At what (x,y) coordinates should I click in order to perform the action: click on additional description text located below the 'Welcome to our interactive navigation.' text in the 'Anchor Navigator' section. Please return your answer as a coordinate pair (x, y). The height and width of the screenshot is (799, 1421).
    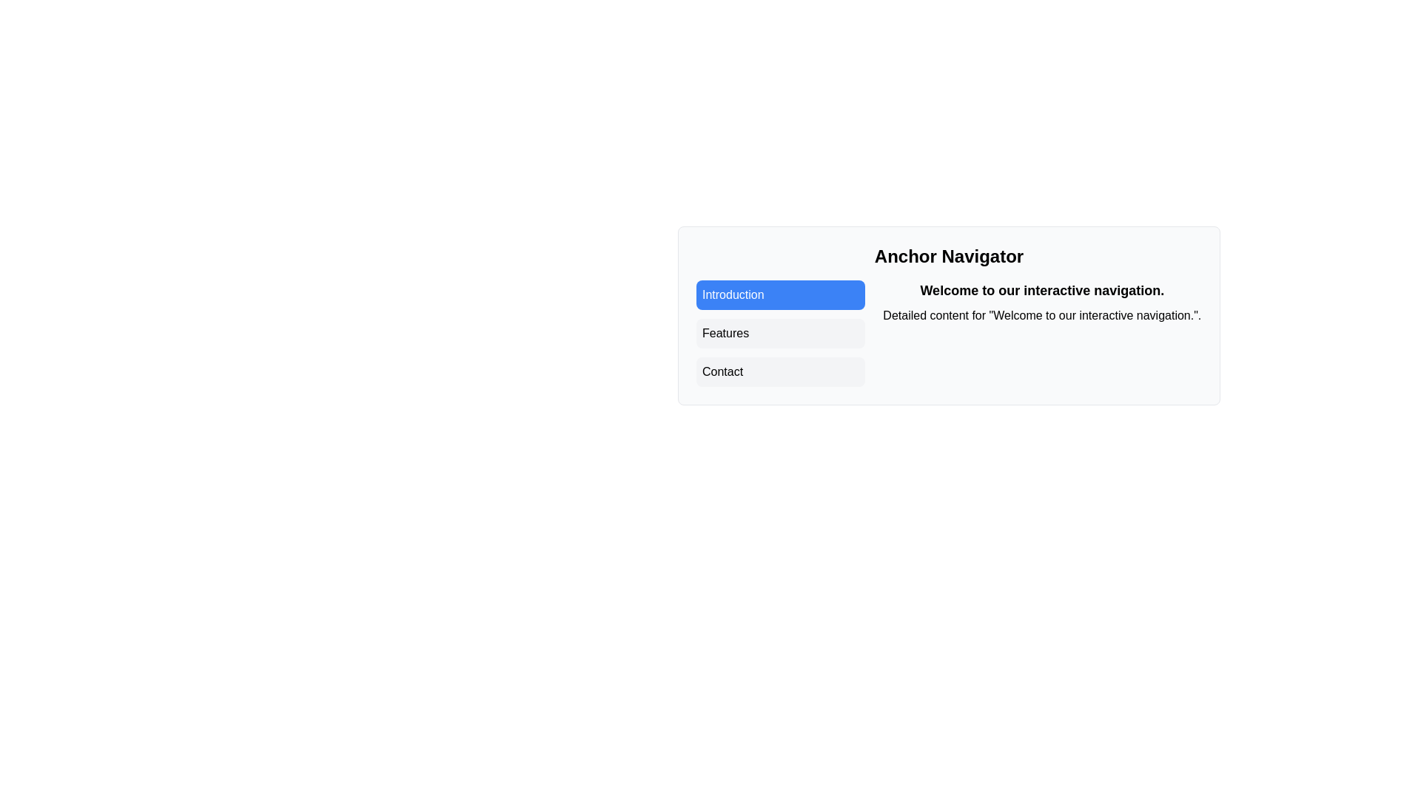
    Looking at the image, I should click on (1041, 315).